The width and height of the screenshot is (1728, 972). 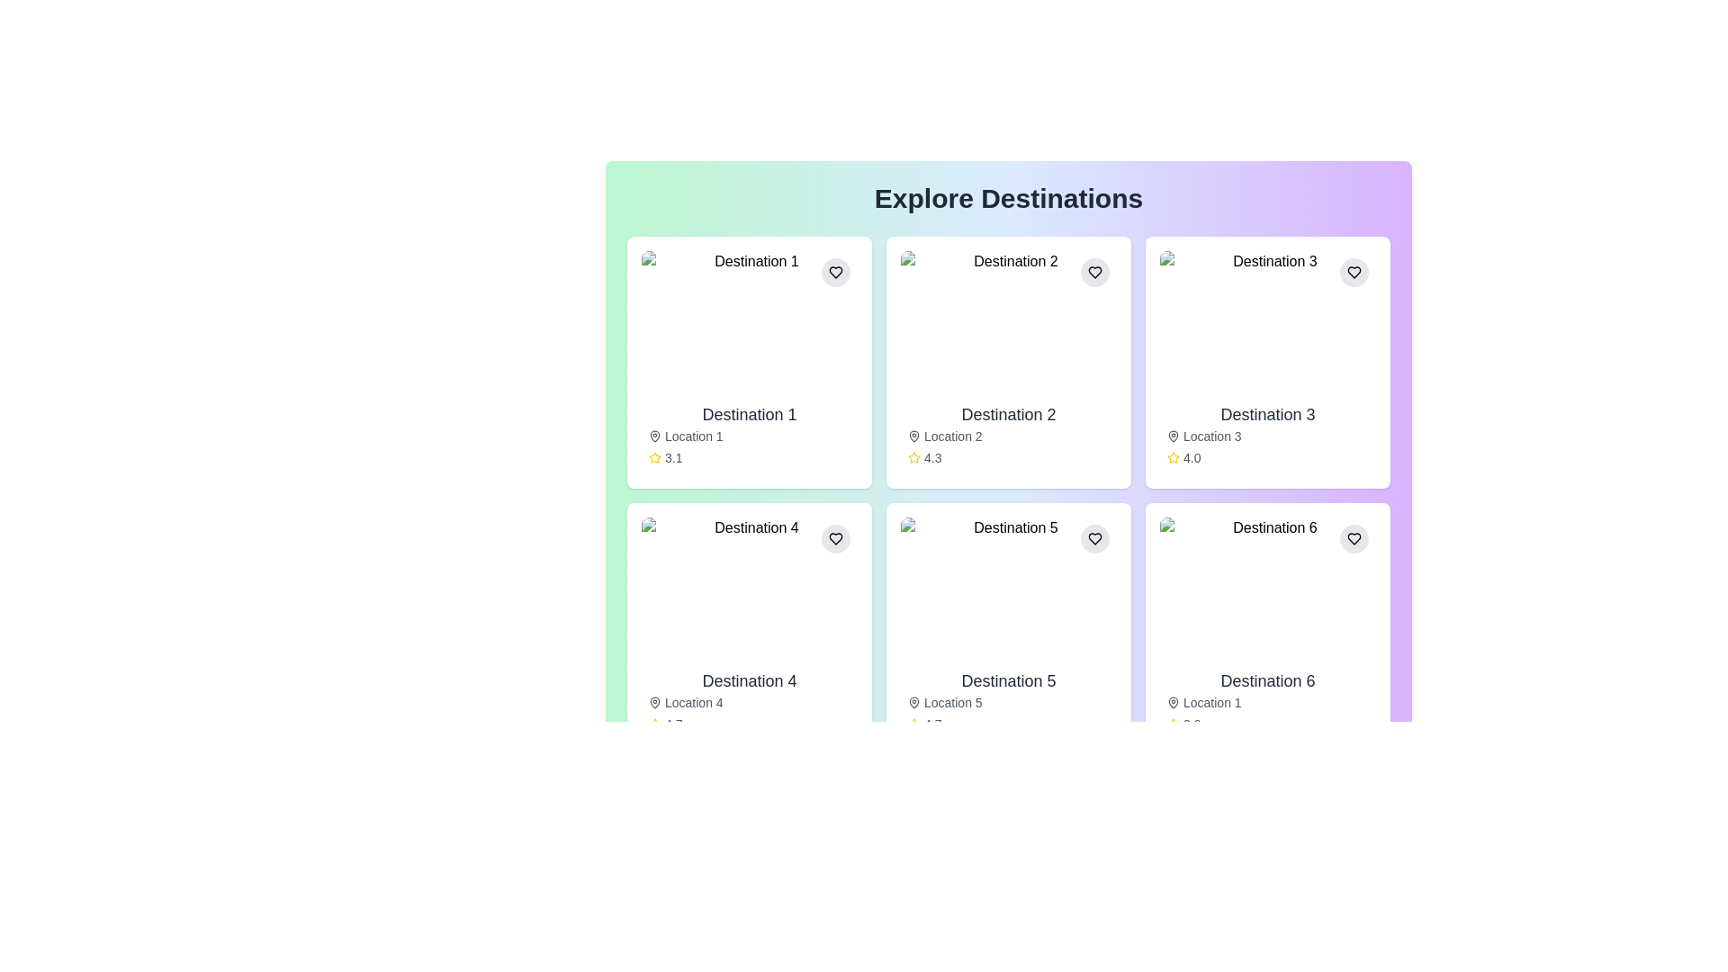 What do you see at coordinates (914, 700) in the screenshot?
I see `the map pin icon located in the lower left corner of the card labeled 'Destination 5', which is beneath the title 'Location 5'` at bounding box center [914, 700].